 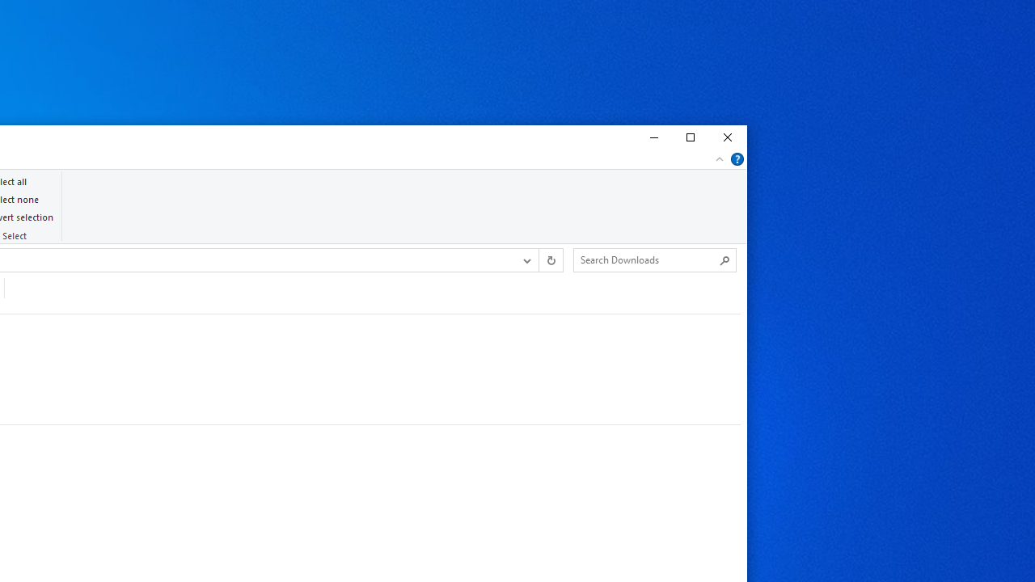 What do you see at coordinates (526, 259) in the screenshot?
I see `'Previous Locations'` at bounding box center [526, 259].